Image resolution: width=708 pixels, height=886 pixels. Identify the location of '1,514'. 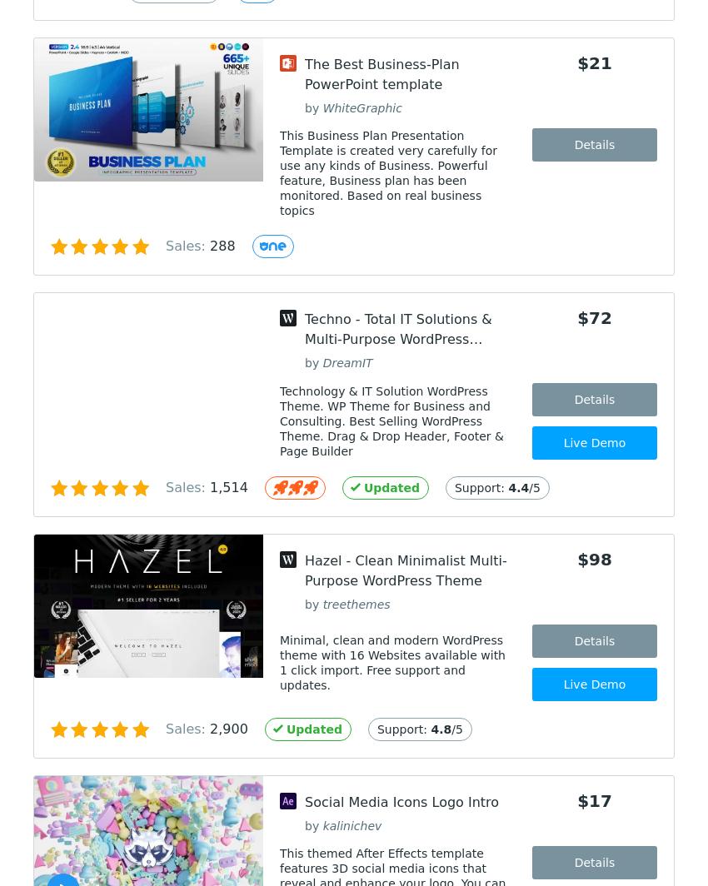
(227, 487).